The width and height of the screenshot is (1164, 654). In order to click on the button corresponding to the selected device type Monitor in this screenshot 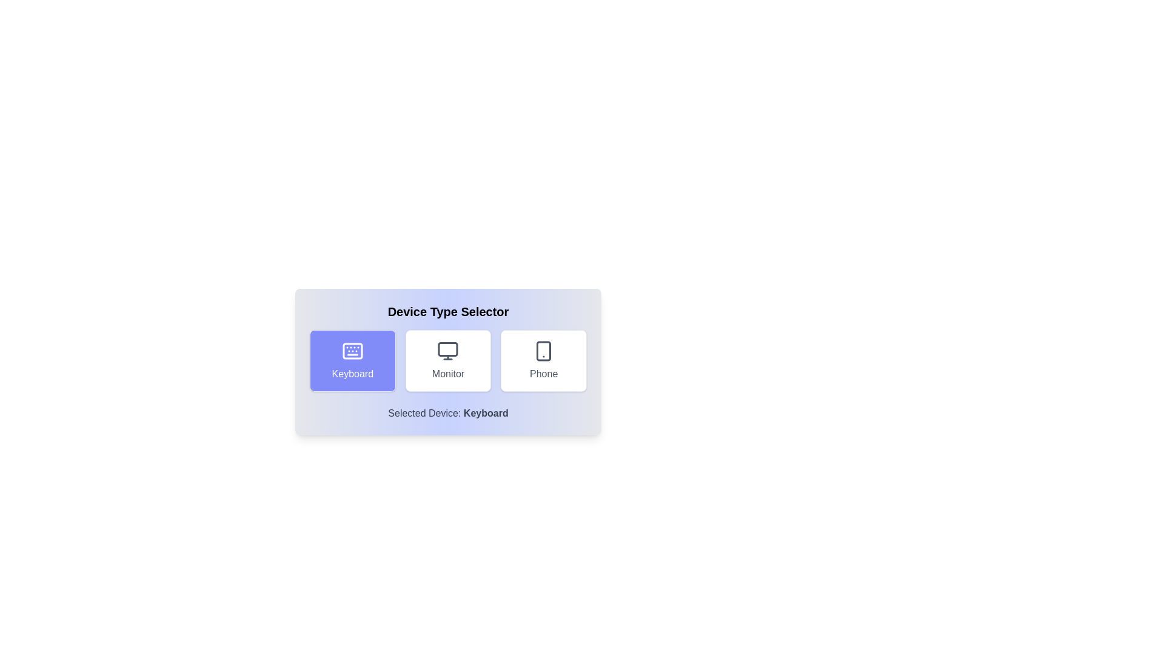, I will do `click(447, 360)`.